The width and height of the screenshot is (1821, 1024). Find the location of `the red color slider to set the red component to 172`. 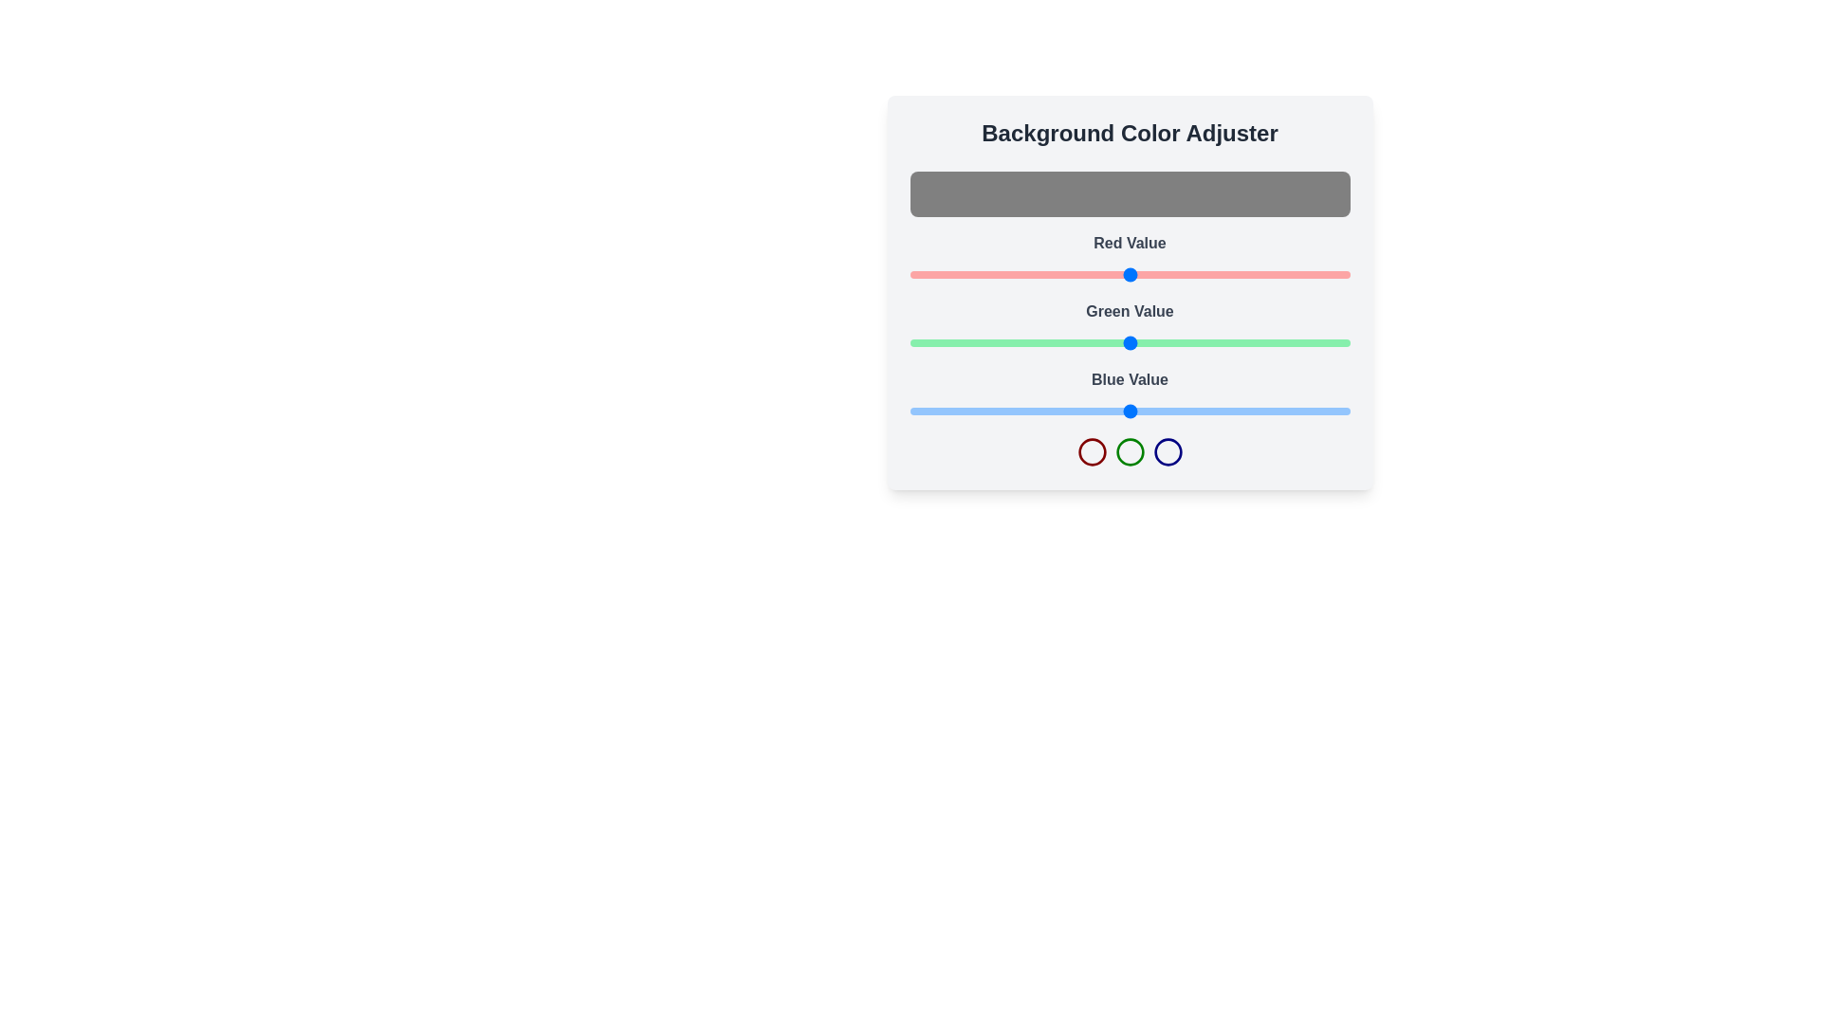

the red color slider to set the red component to 172 is located at coordinates (1205, 274).